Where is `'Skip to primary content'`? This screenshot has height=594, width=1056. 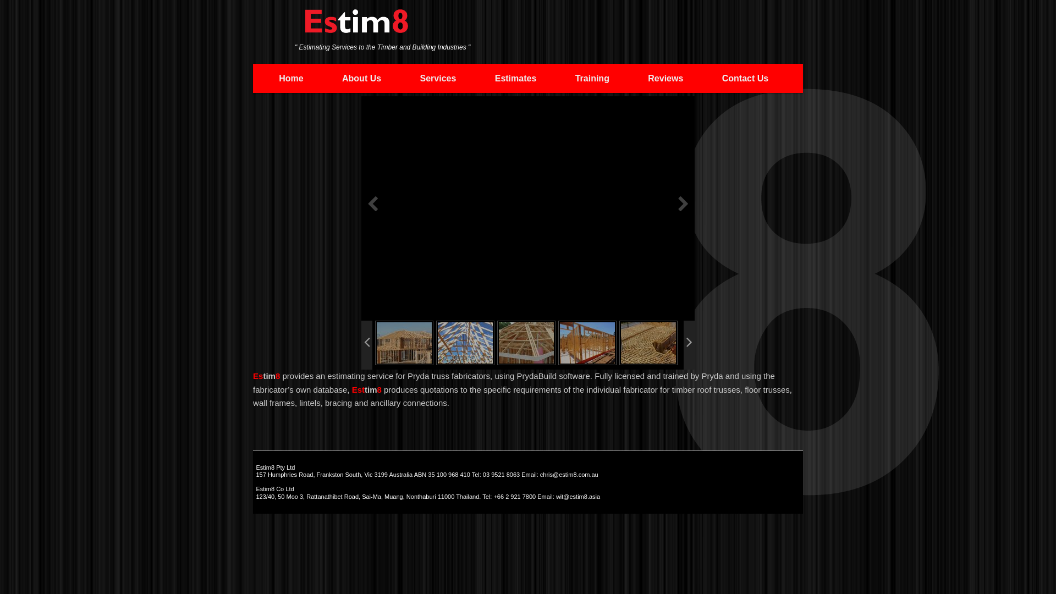
'Skip to primary content' is located at coordinates (330, 77).